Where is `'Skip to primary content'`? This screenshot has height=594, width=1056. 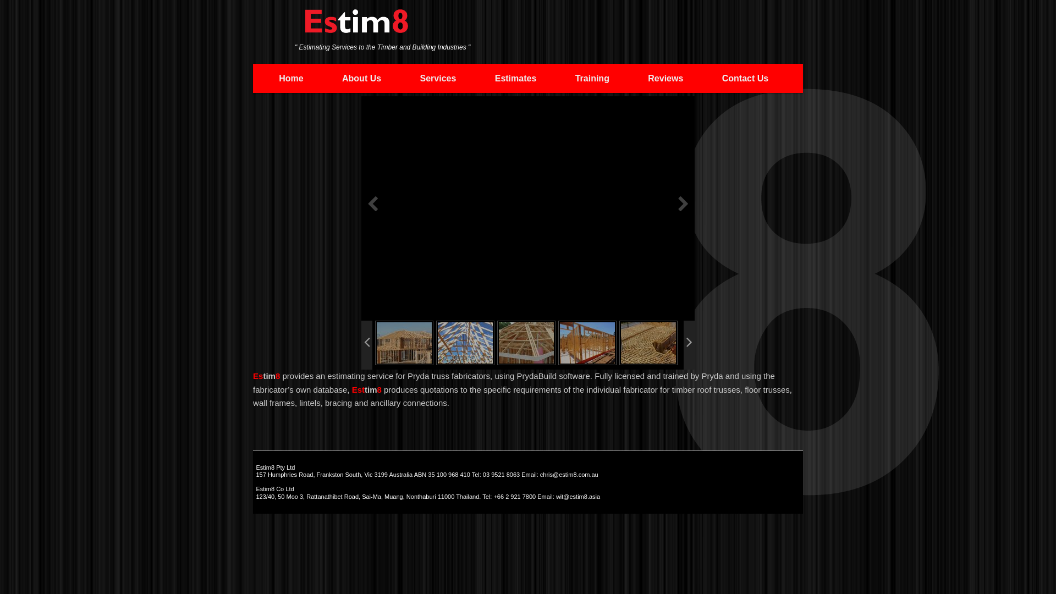
'Skip to primary content' is located at coordinates (330, 77).